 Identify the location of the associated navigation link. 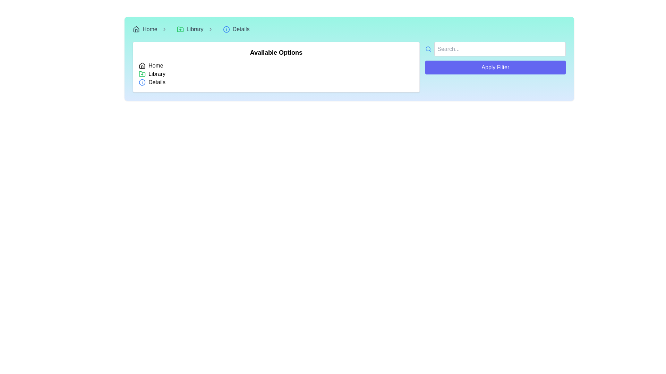
(241, 29).